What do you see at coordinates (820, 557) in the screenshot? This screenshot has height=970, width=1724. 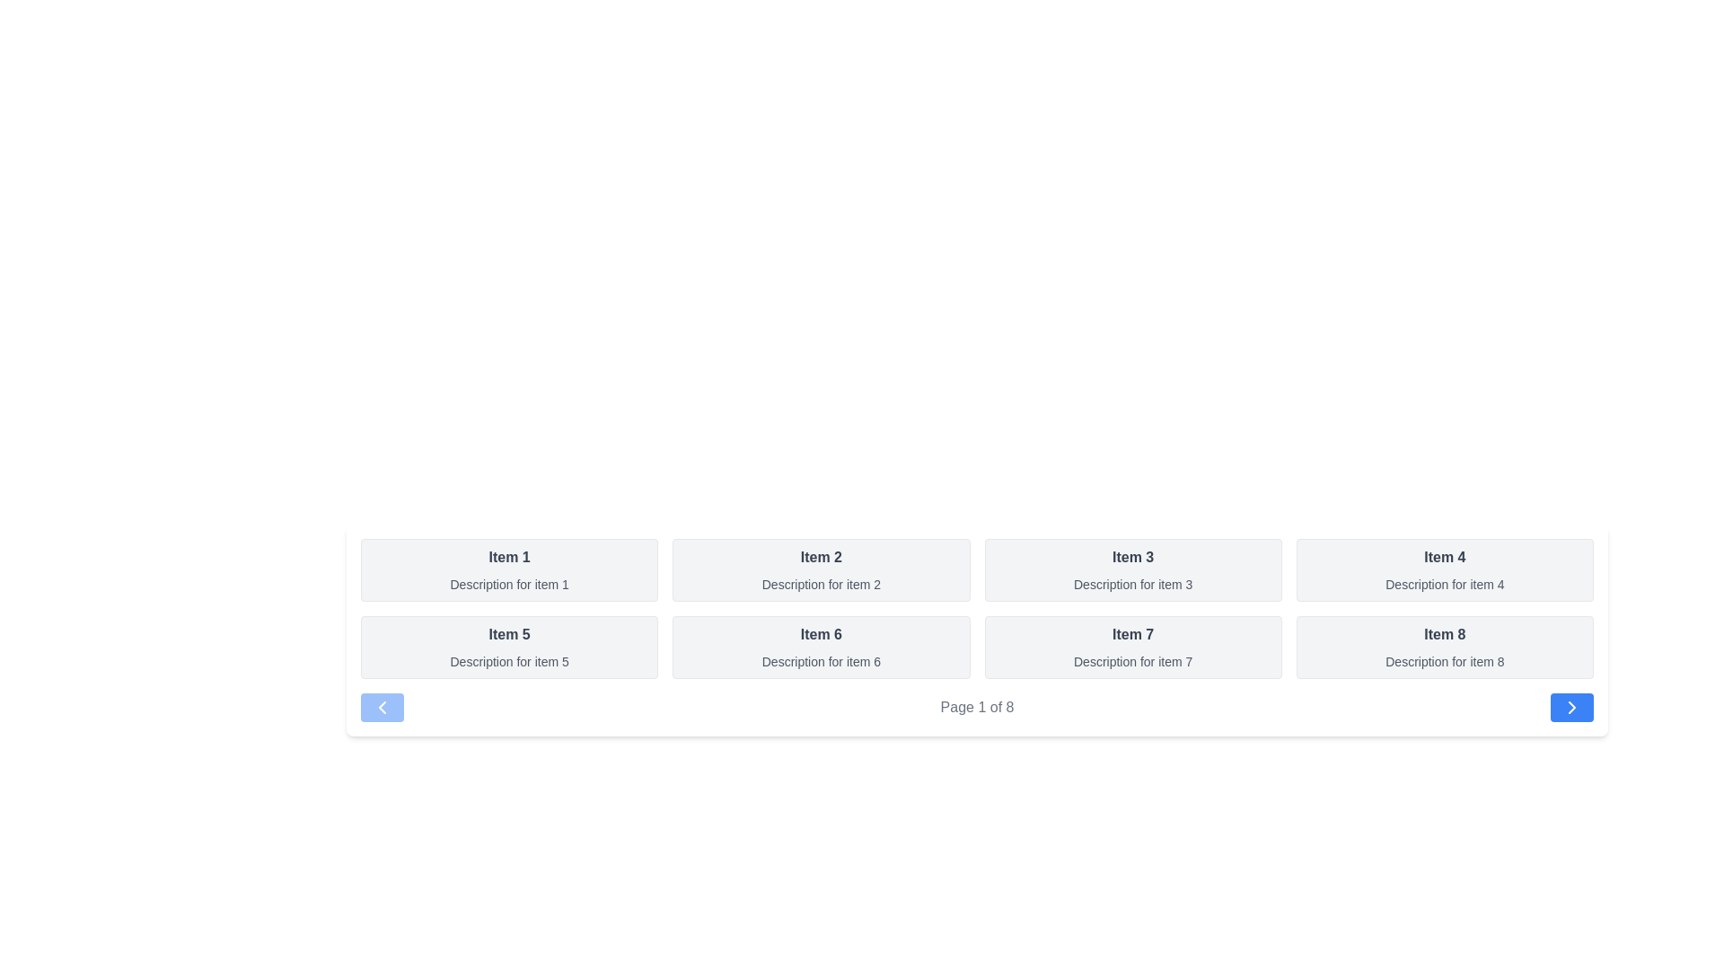 I see `the bold text 'Item 2' located in the second column of the grid, styled with a dark gray font and positioned above the description text 'Description for item 2'` at bounding box center [820, 557].